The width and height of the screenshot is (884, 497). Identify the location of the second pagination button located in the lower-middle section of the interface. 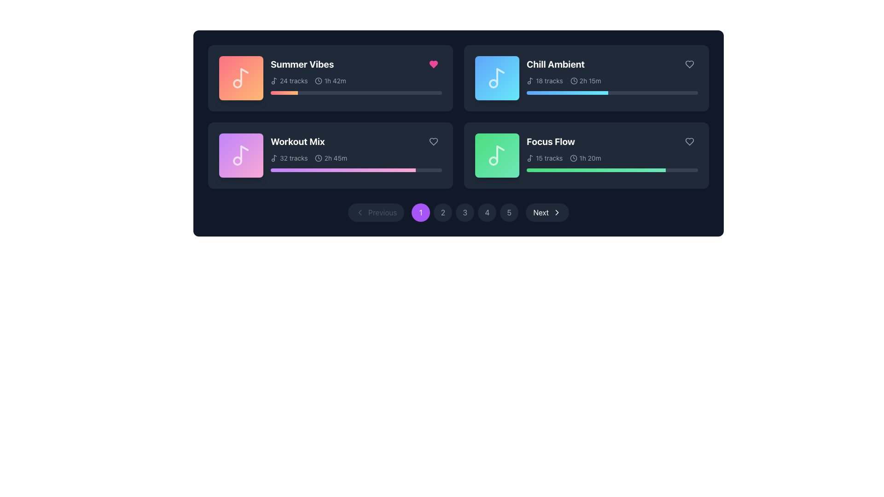
(443, 213).